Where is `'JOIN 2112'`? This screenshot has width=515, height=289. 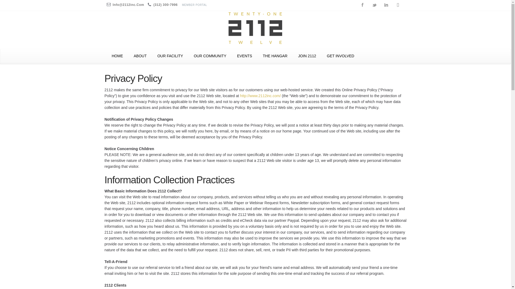
'JOIN 2112' is located at coordinates (292, 56).